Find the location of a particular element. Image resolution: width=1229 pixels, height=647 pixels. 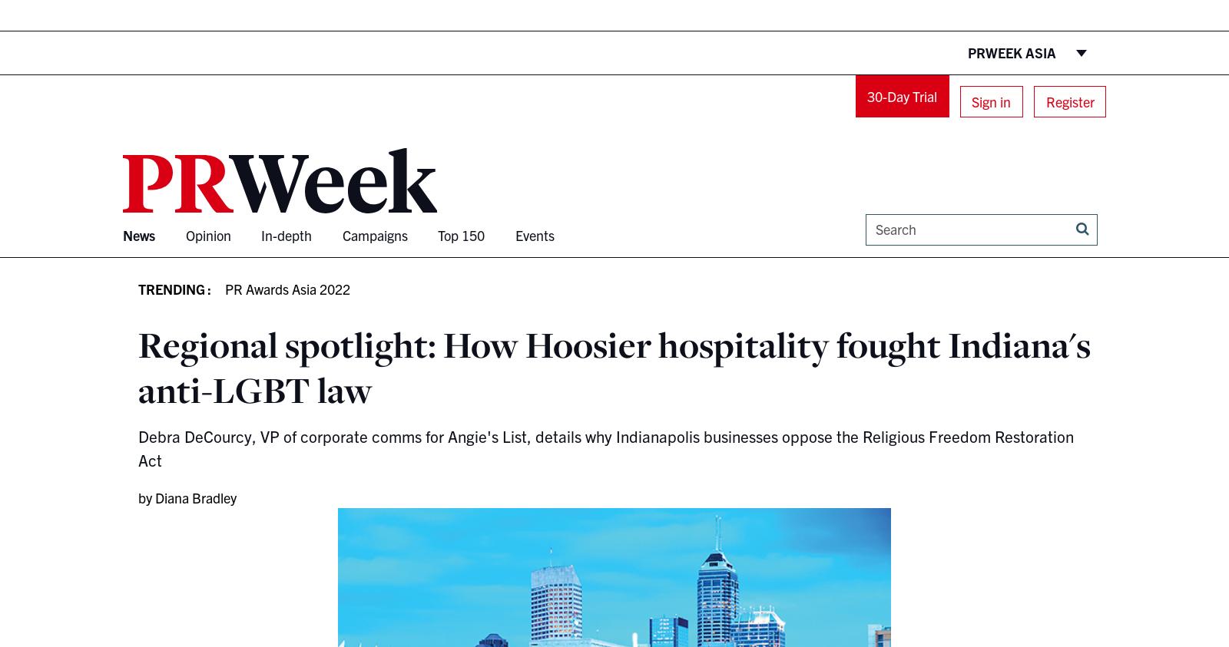

'Sign in' is located at coordinates (990, 101).